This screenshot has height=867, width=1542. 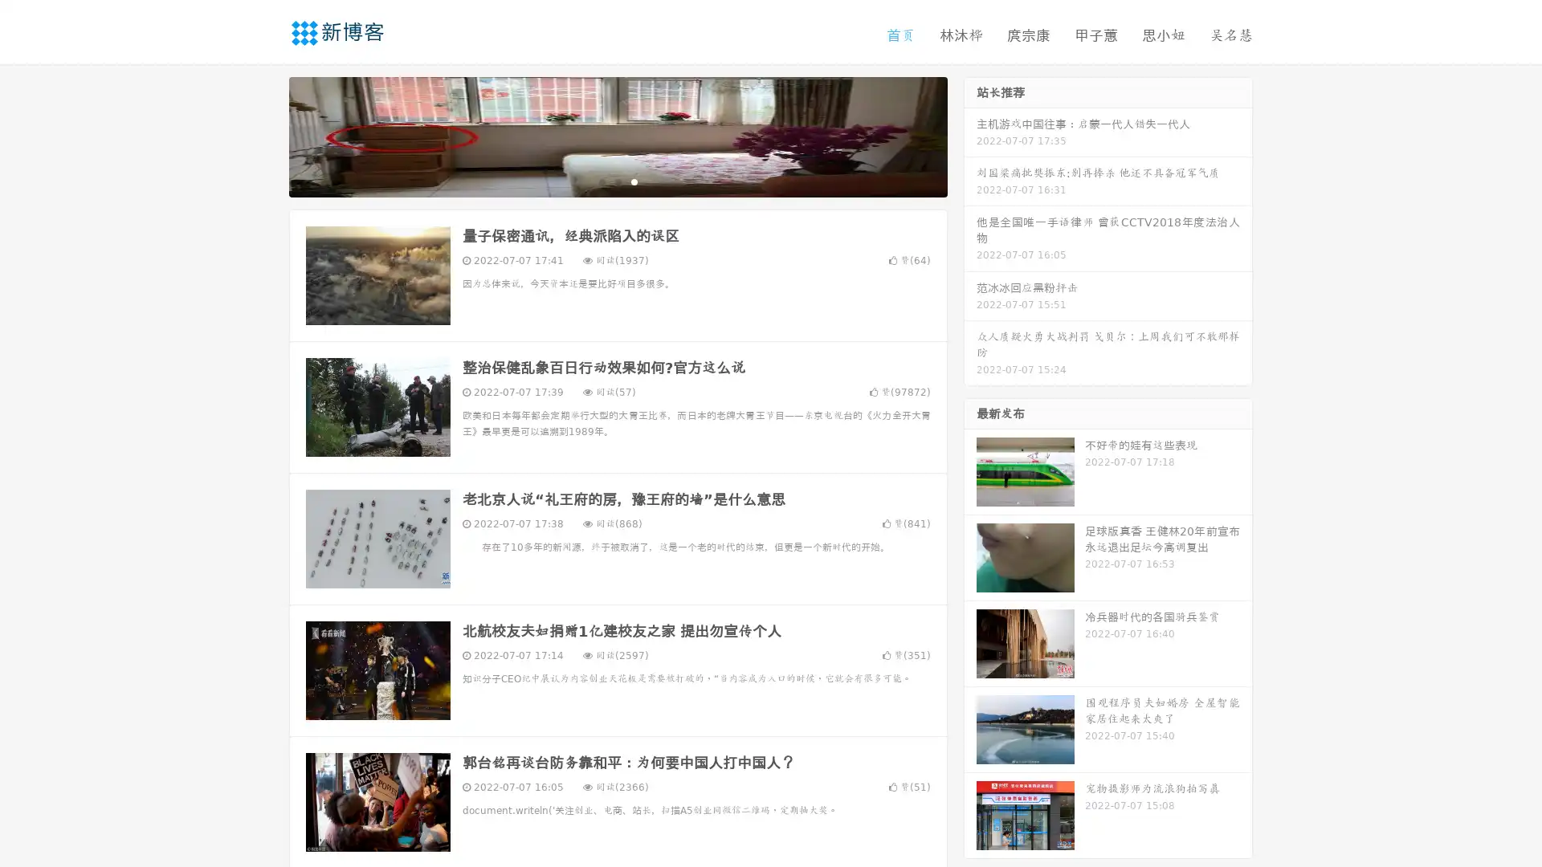 I want to click on Go to slide 1, so click(x=601, y=181).